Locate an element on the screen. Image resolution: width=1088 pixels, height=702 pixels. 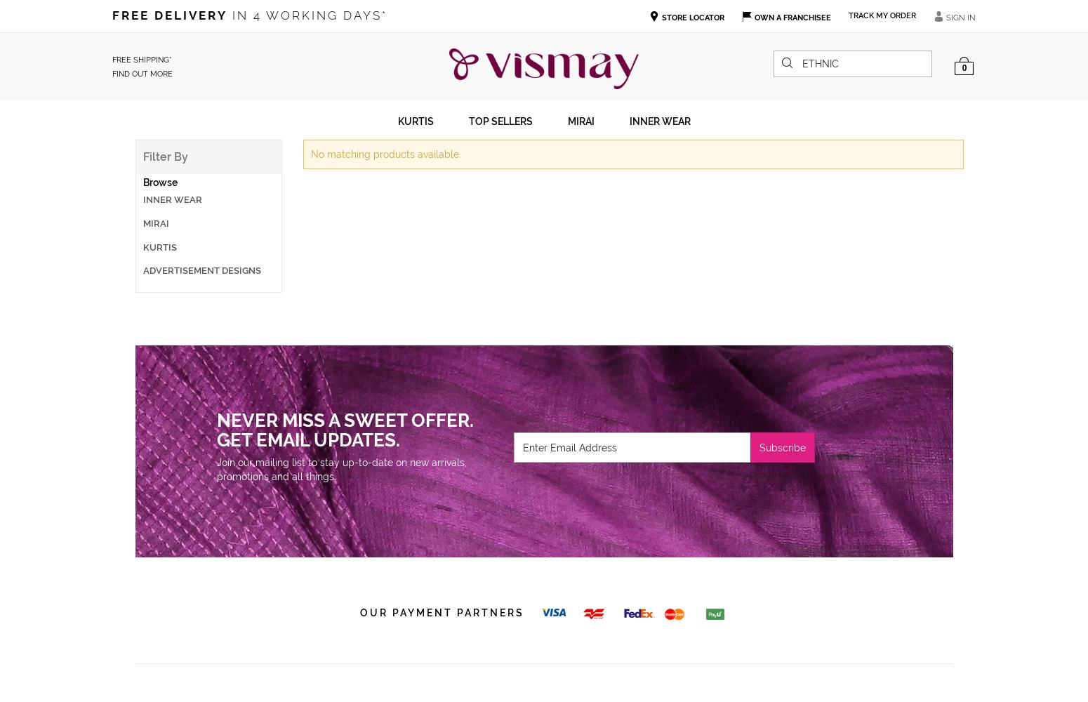
'SHOP COLLECTIONS' is located at coordinates (162, 327).